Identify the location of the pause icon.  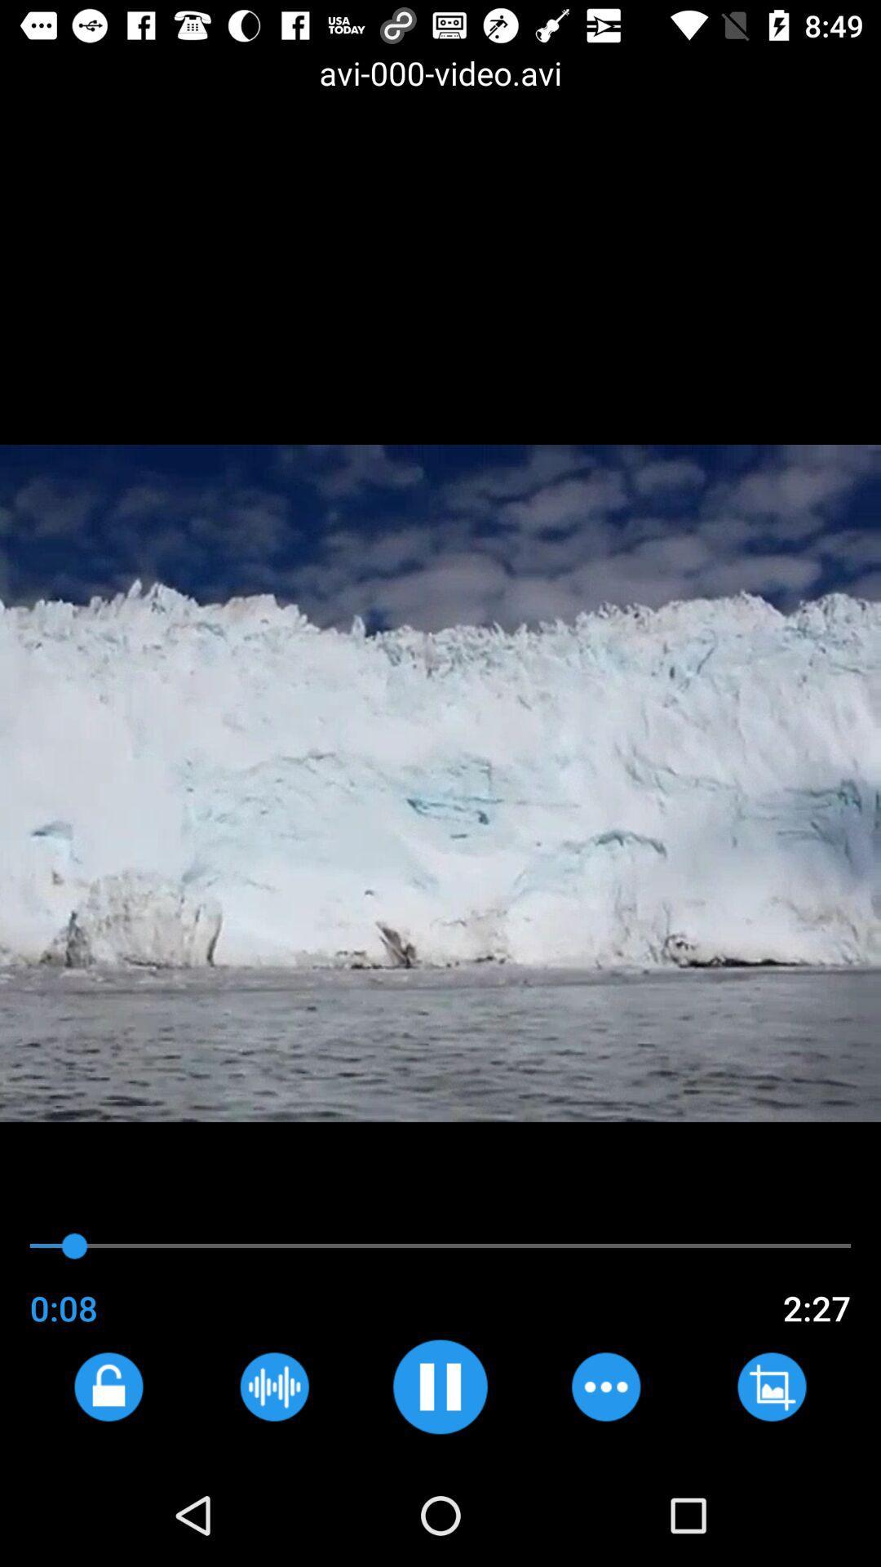
(439, 1386).